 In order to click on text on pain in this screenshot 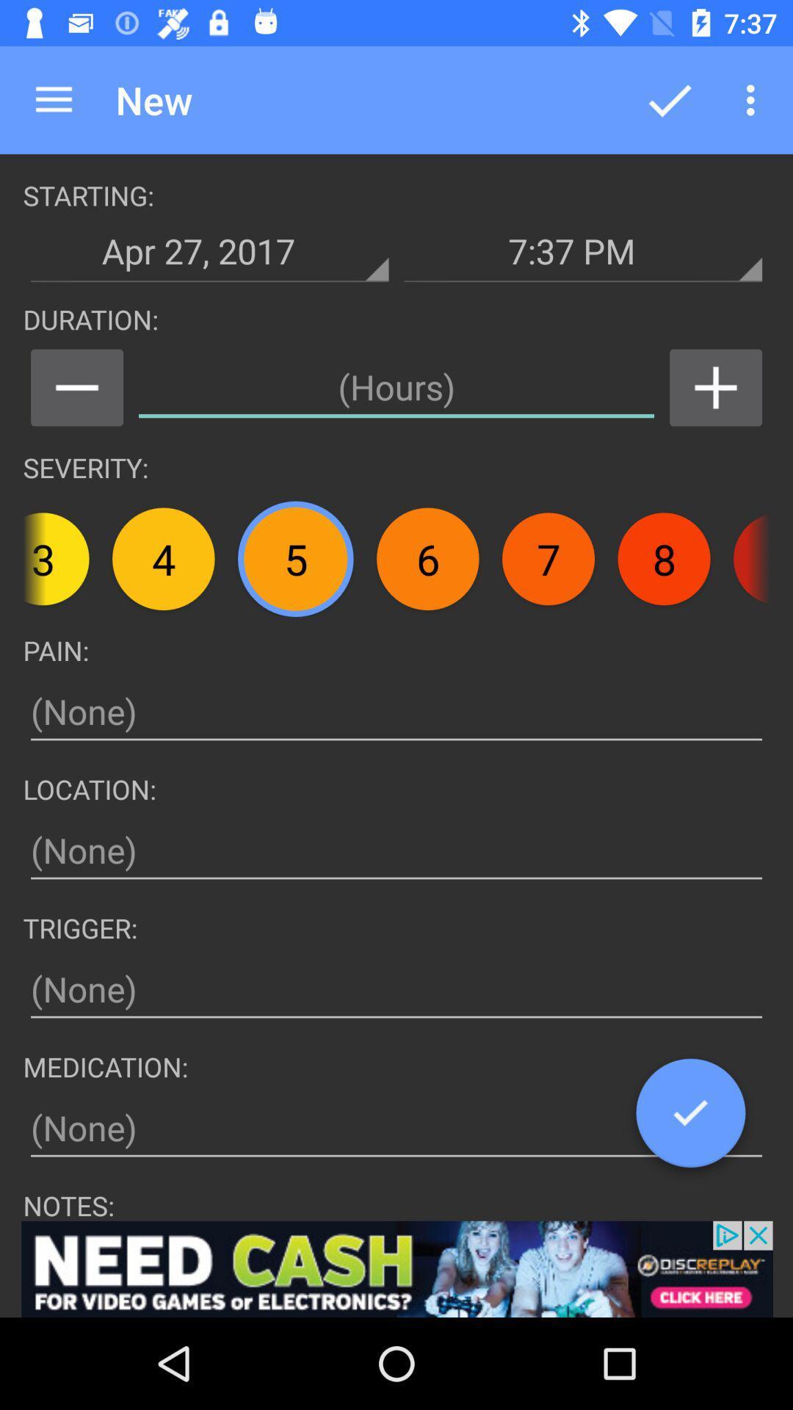, I will do `click(396, 712)`.